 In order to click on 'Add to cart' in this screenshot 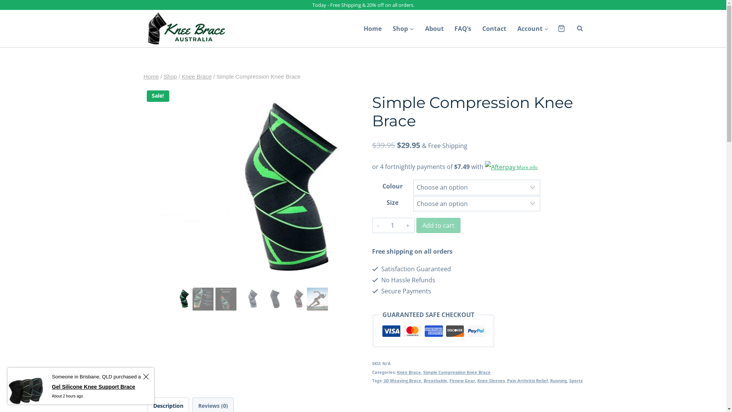, I will do `click(438, 225)`.